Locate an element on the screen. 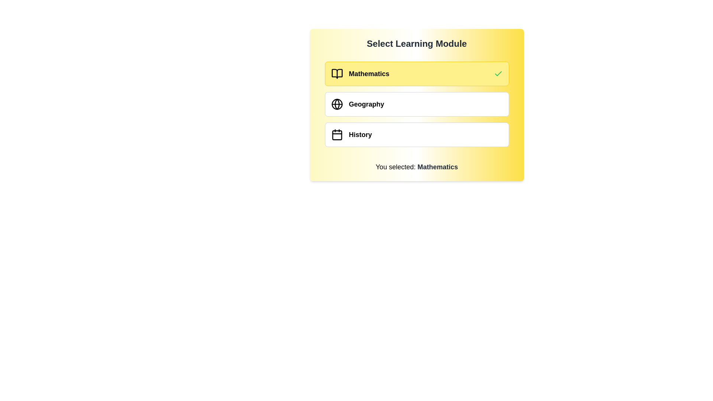  the outlined calendar icon, which is a non-interactive decorative element located at the far left of the 'History' list item in the UI is located at coordinates (336, 134).